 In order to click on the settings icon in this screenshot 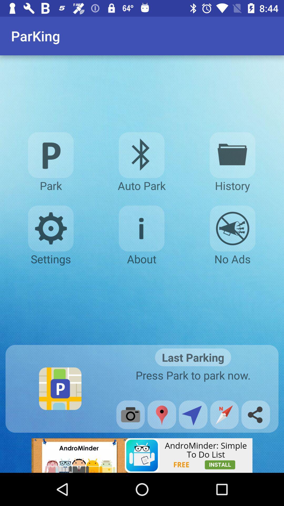, I will do `click(51, 228)`.